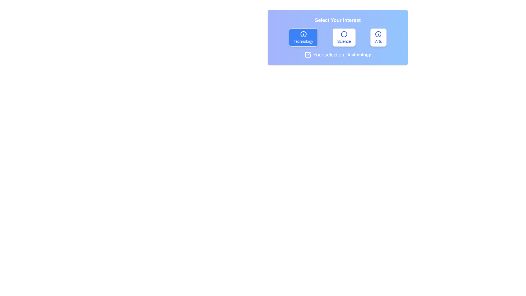 The image size is (526, 296). What do you see at coordinates (303, 37) in the screenshot?
I see `the 'Technology' button to select it` at bounding box center [303, 37].